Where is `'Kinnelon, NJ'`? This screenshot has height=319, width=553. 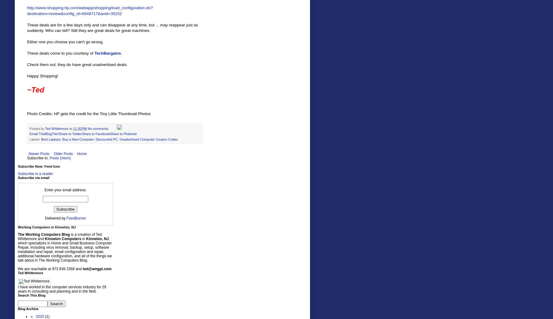 'Kinnelon, NJ' is located at coordinates (97, 238).